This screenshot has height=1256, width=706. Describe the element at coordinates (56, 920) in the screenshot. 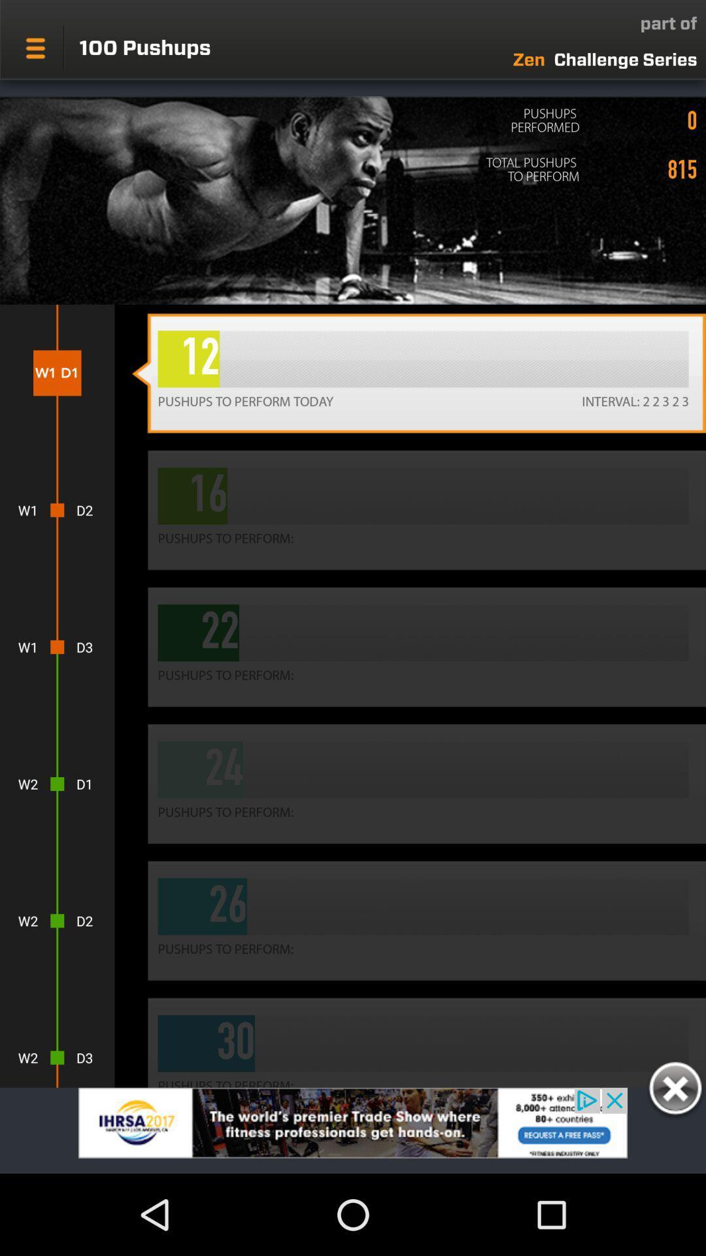

I see `between w2 and d2` at that location.